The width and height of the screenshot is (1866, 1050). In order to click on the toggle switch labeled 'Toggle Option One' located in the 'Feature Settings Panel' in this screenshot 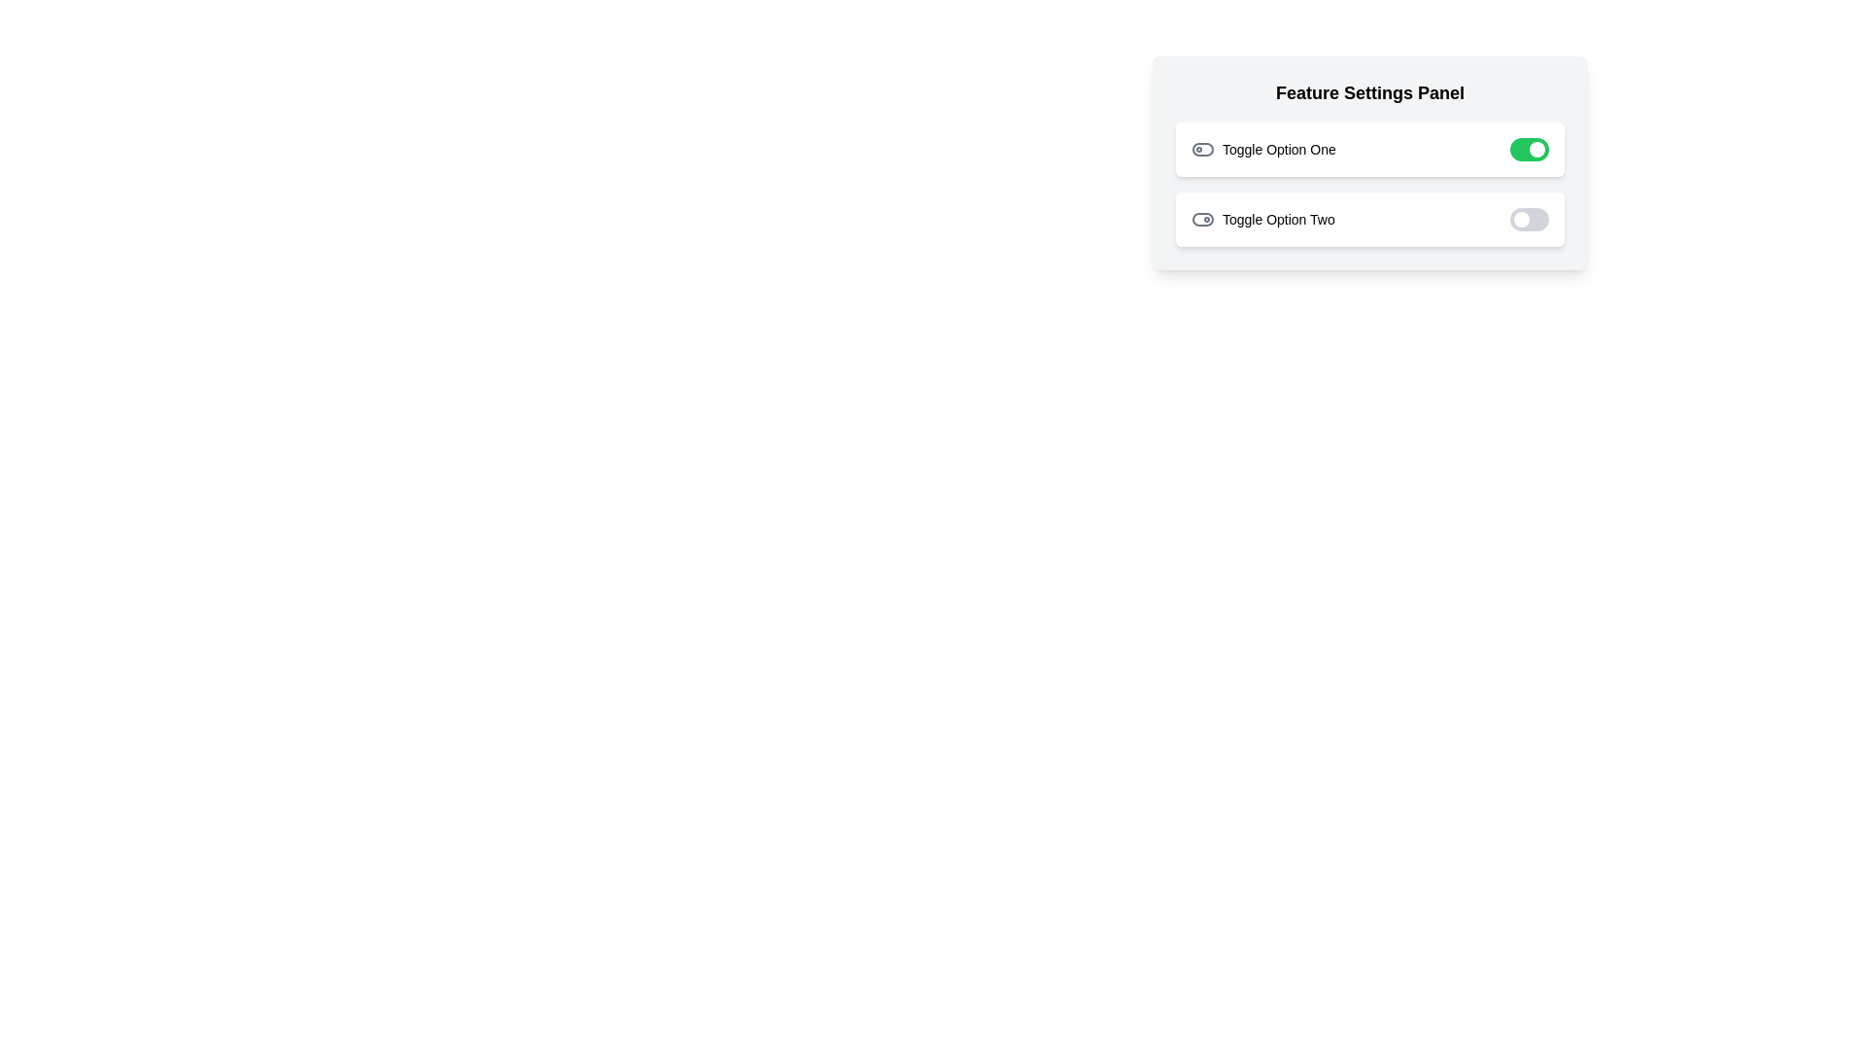, I will do `click(1369, 149)`.